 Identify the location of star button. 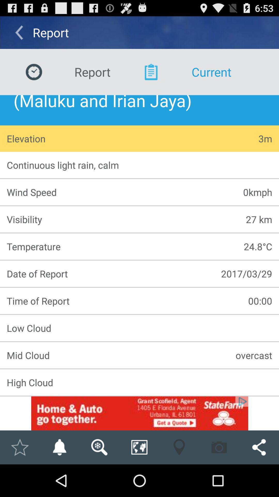
(19, 447).